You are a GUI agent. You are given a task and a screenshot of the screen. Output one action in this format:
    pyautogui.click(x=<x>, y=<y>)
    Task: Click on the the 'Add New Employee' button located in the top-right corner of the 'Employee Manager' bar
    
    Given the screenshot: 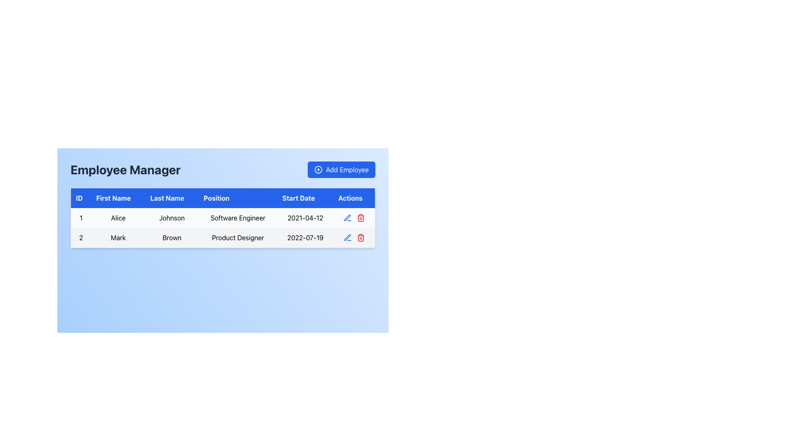 What is the action you would take?
    pyautogui.click(x=342, y=169)
    